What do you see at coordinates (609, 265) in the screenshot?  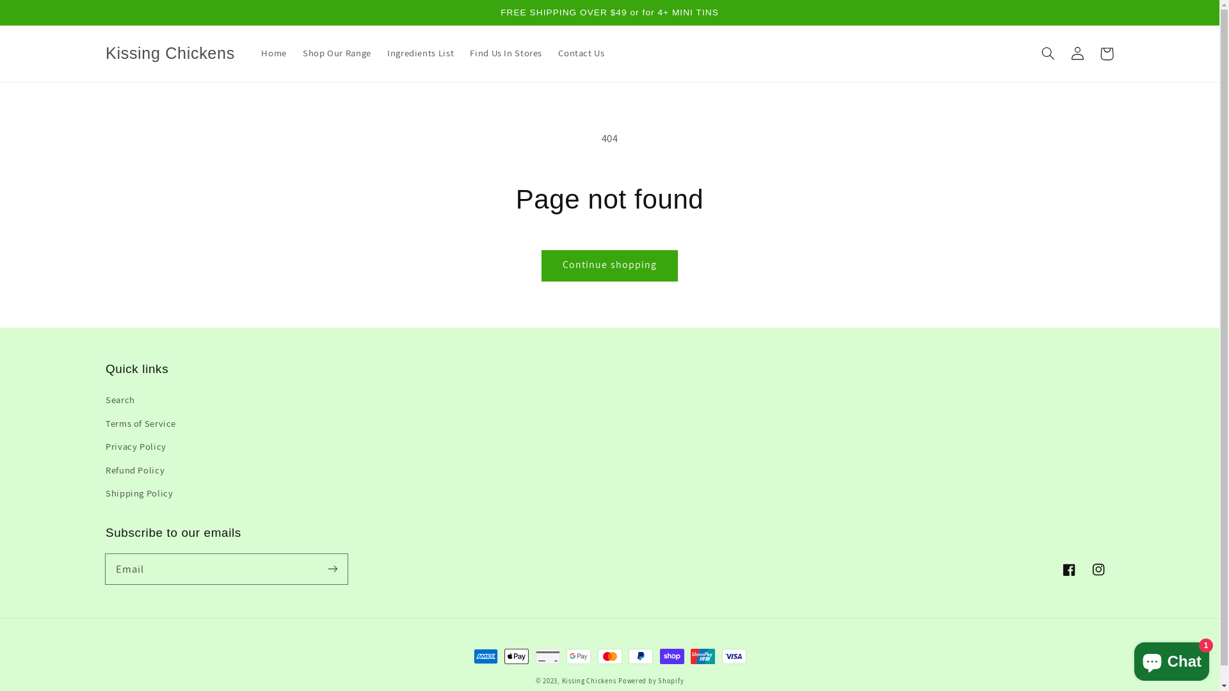 I see `'Continue shopping'` at bounding box center [609, 265].